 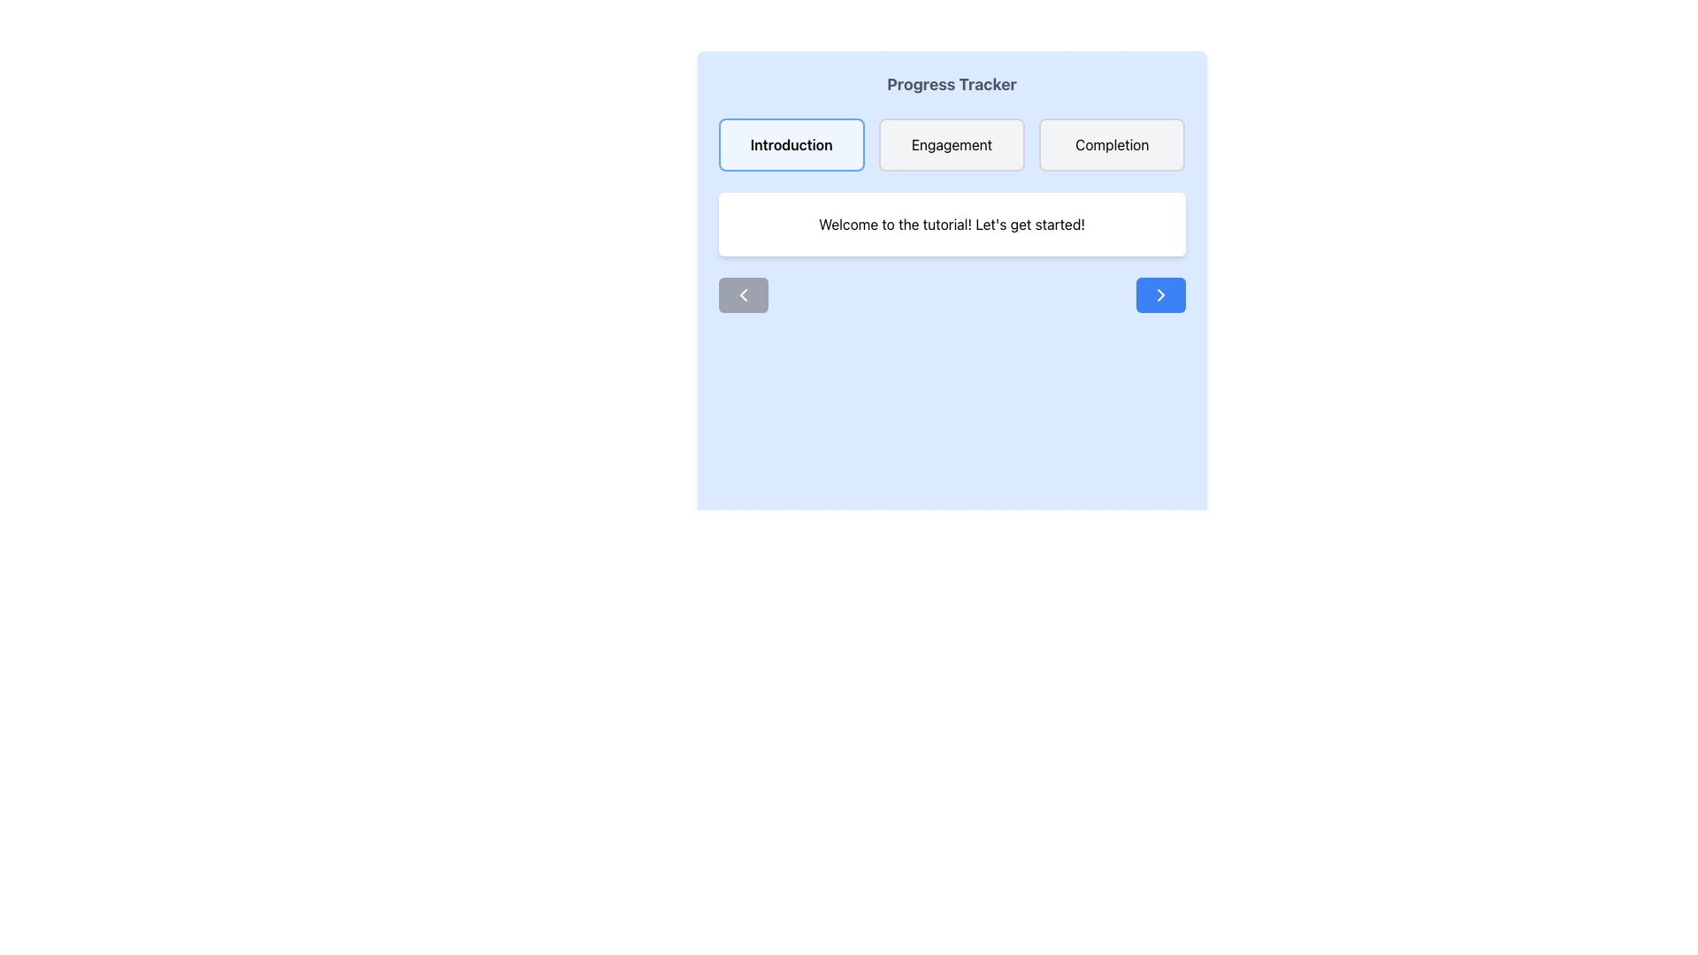 What do you see at coordinates (791, 144) in the screenshot?
I see `the 'Introduction' phase button in the Progress Tracker` at bounding box center [791, 144].